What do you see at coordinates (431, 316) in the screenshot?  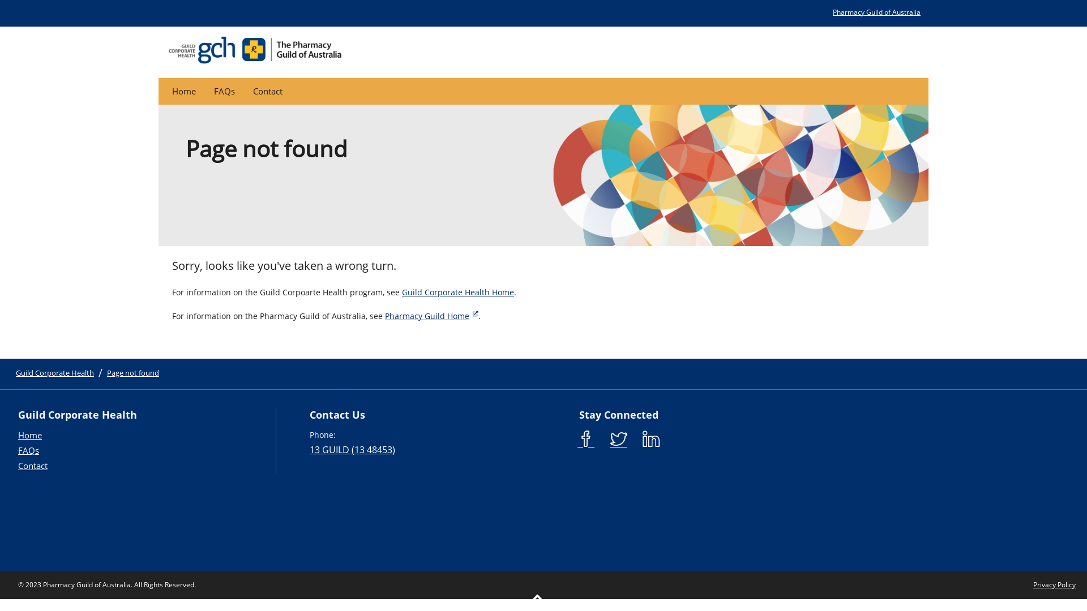 I see `'Pharmacy Guild Home'` at bounding box center [431, 316].